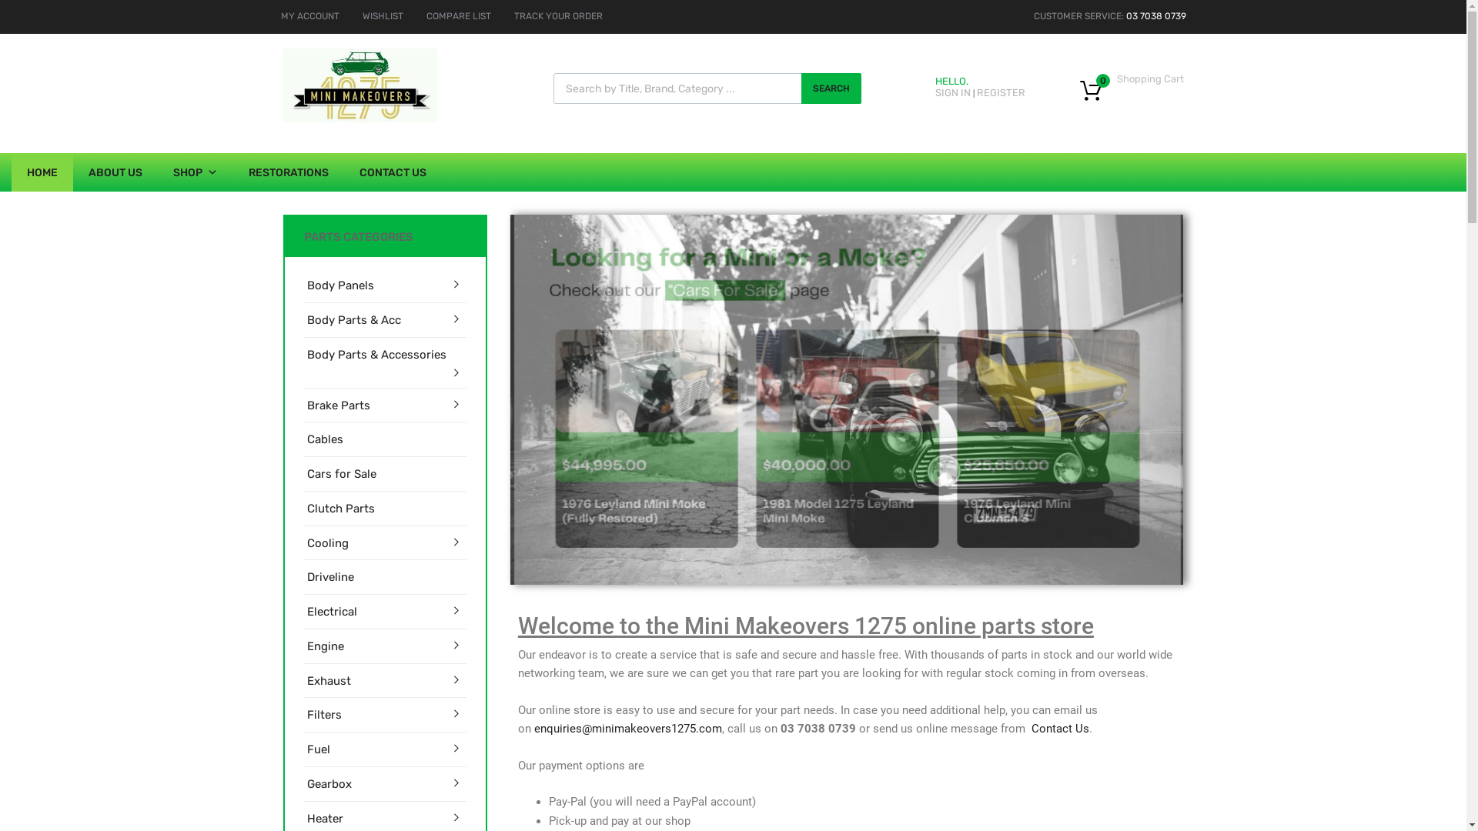  What do you see at coordinates (801, 88) in the screenshot?
I see `'SEARCH'` at bounding box center [801, 88].